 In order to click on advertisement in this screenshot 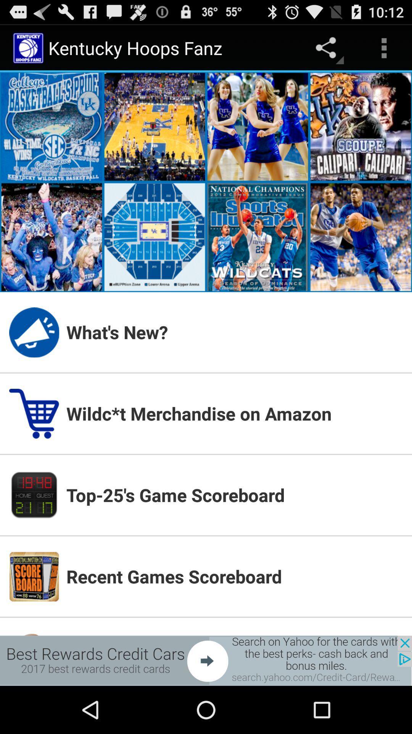, I will do `click(206, 660)`.